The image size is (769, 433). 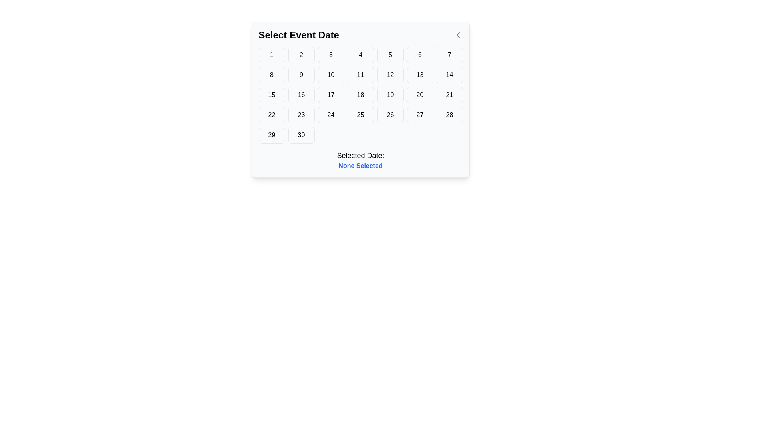 What do you see at coordinates (331, 115) in the screenshot?
I see `the selectable date button representing the 24th day in the calendar view` at bounding box center [331, 115].